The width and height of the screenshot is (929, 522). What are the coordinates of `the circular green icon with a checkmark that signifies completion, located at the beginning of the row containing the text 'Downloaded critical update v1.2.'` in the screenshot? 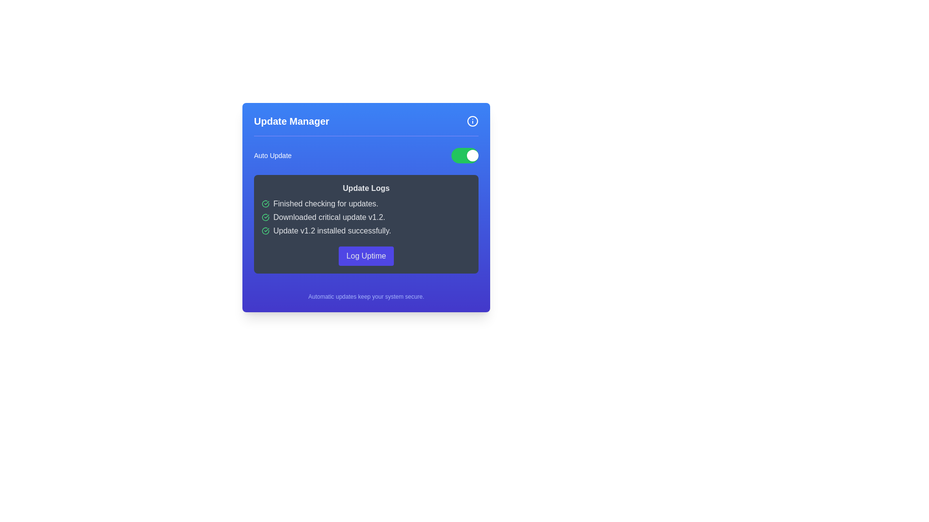 It's located at (265, 217).